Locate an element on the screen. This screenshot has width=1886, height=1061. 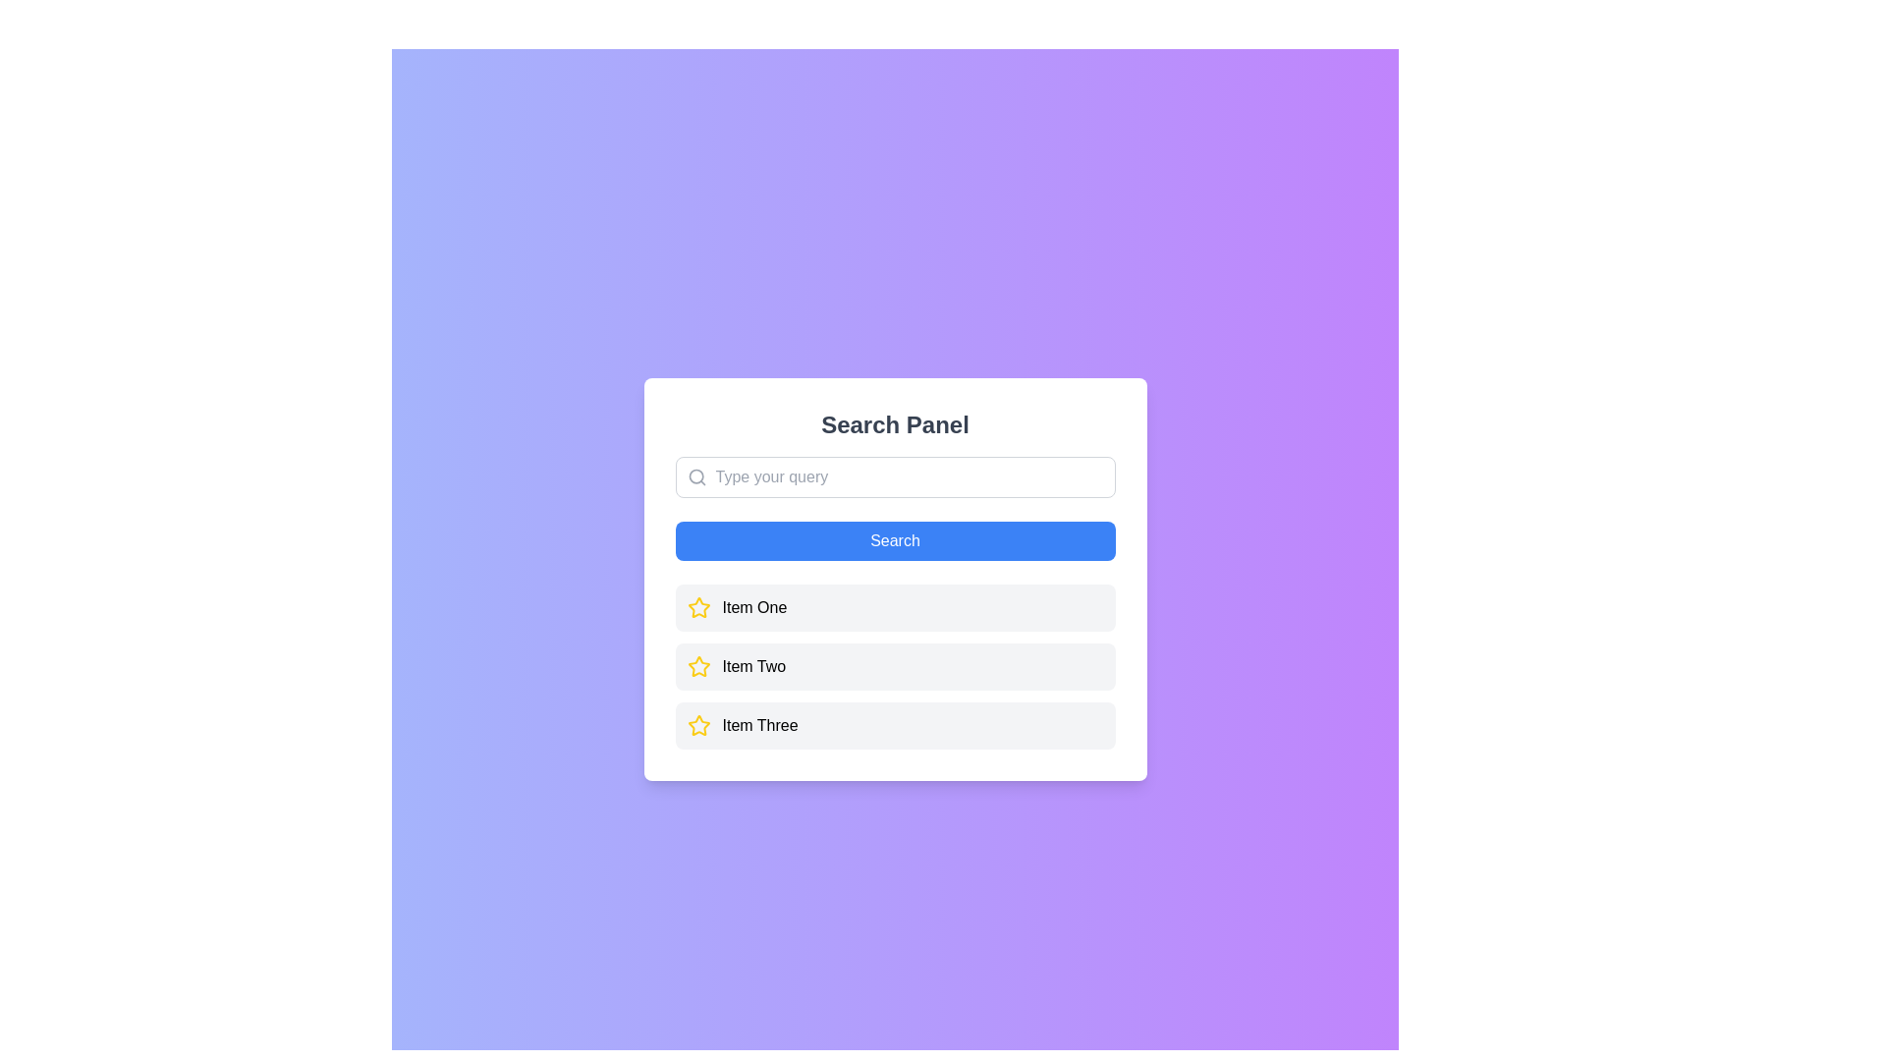
the list item labeled 'Item Two' is located at coordinates (894, 665).